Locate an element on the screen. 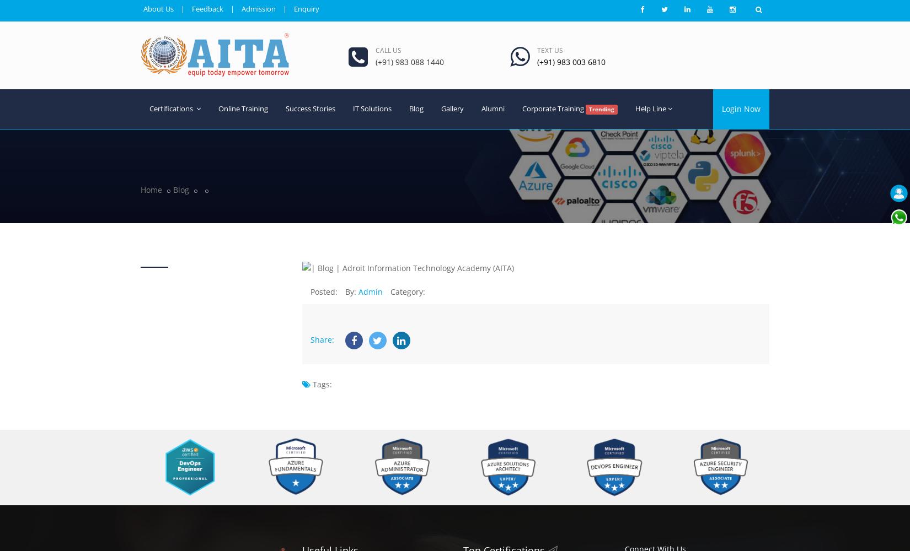  'Enquiry' is located at coordinates (306, 9).